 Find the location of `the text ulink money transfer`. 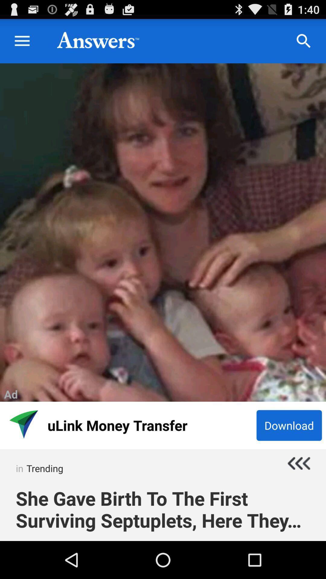

the text ulink money transfer is located at coordinates (150, 425).